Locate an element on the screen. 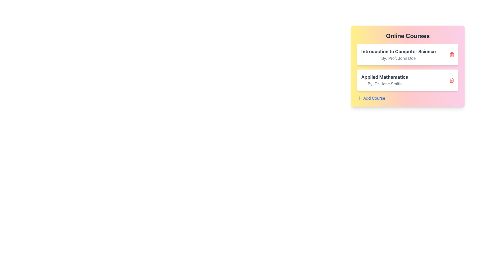  the text label displaying 'Introduction to Computer Science' which is styled in bold and dark gray, located in the topmost course card under the 'Online Courses' section is located at coordinates (398, 51).